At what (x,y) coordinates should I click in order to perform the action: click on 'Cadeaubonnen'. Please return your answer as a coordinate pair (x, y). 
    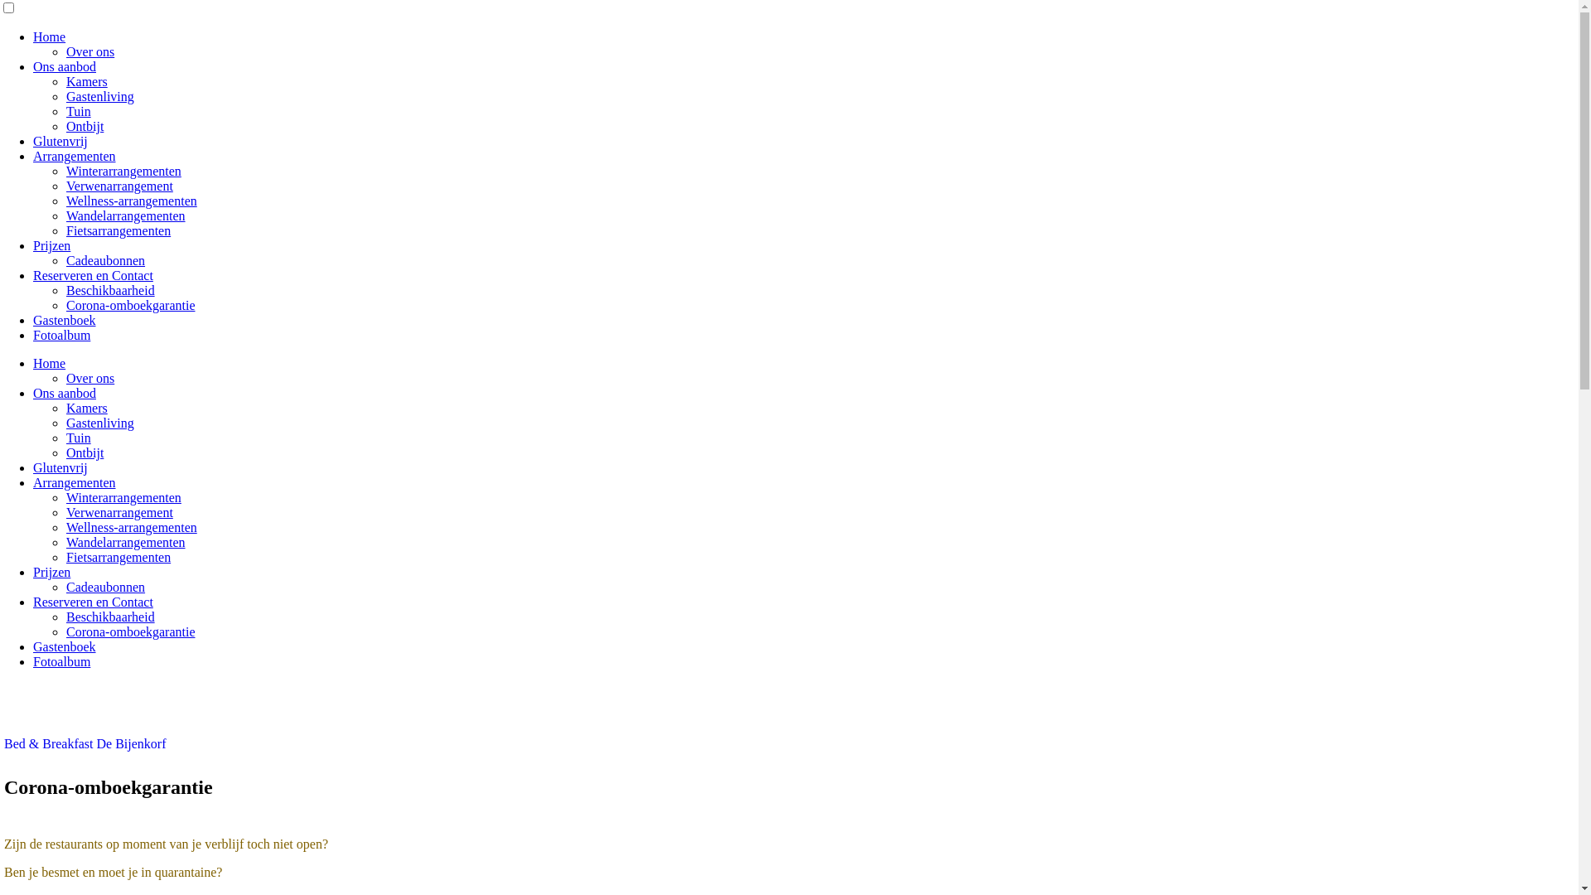
    Looking at the image, I should click on (104, 586).